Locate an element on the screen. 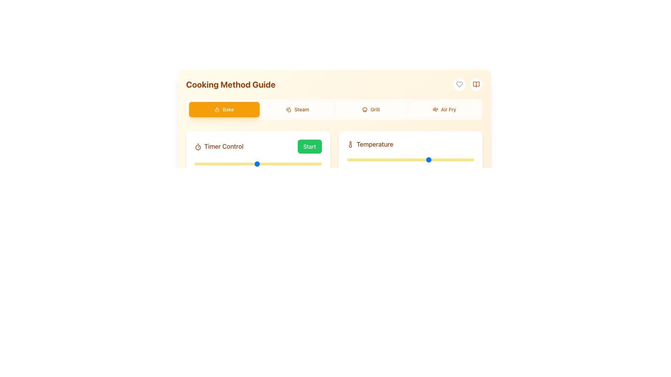 This screenshot has width=671, height=377. the chef's hat icon in the top-right section of the interface, which is outlined and styled with a line-based design, and is adjacent to the book and heart icons is located at coordinates (365, 109).